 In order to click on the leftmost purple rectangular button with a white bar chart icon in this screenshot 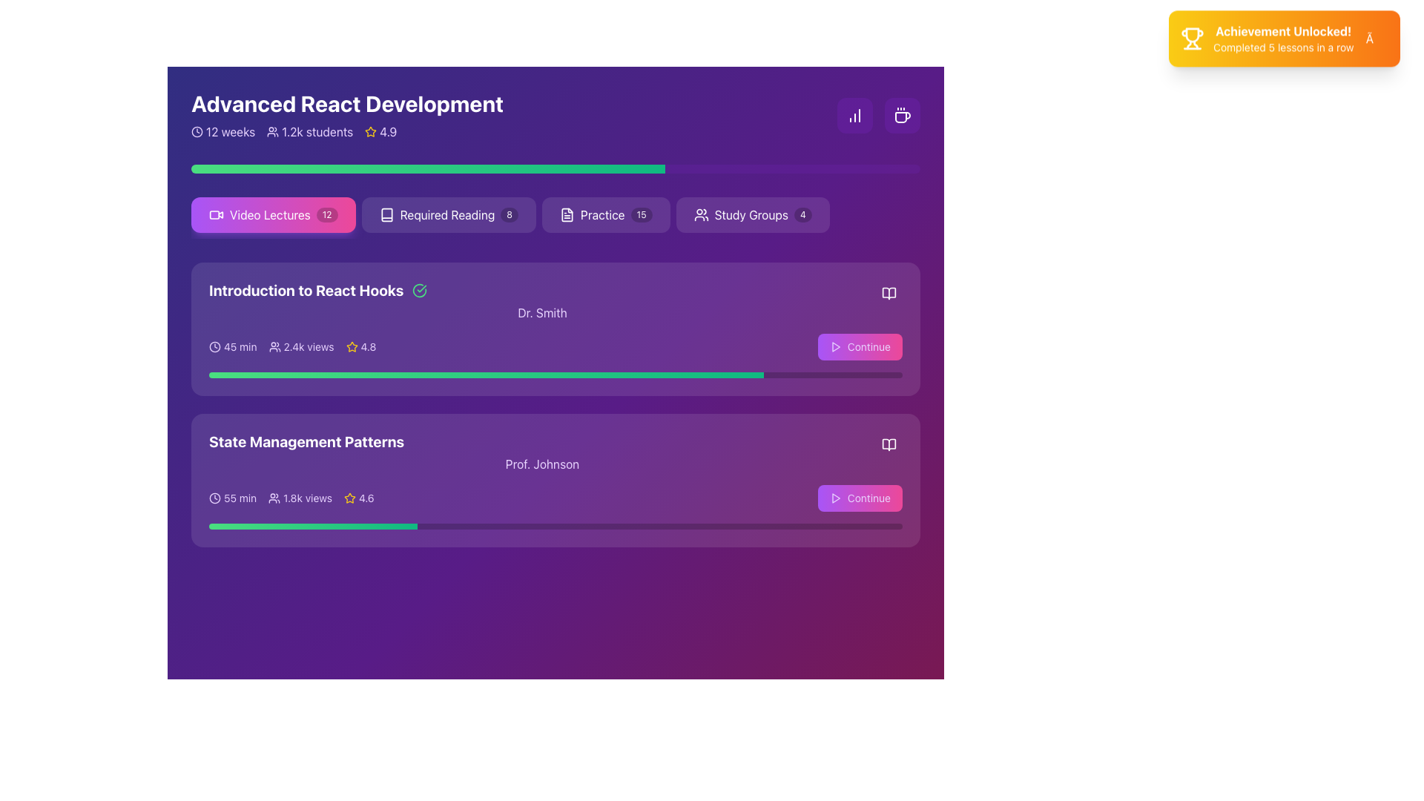, I will do `click(854, 114)`.